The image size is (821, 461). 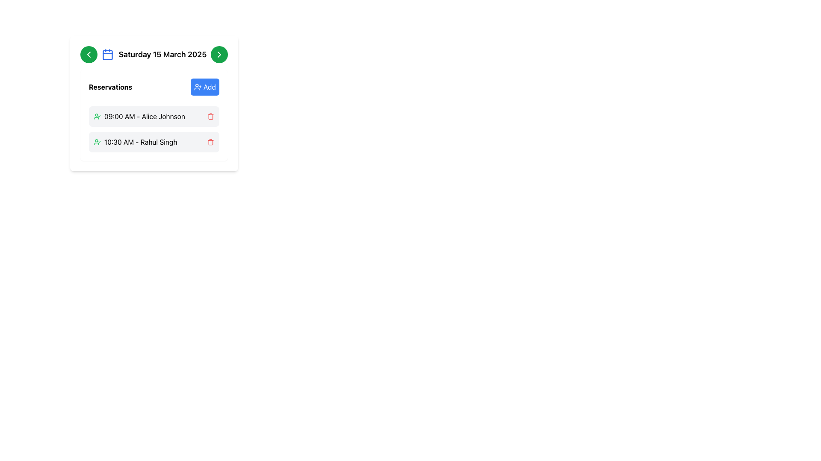 What do you see at coordinates (139, 117) in the screenshot?
I see `text label representing the first reservation in the list, located under the 'Reservations' heading and above another similar entry` at bounding box center [139, 117].